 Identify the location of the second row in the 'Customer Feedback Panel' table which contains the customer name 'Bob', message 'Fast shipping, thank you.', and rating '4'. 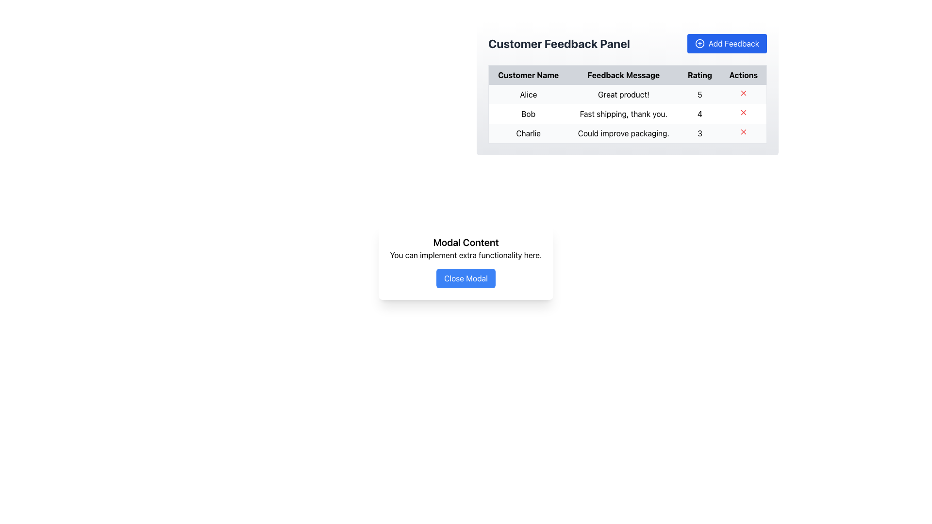
(627, 114).